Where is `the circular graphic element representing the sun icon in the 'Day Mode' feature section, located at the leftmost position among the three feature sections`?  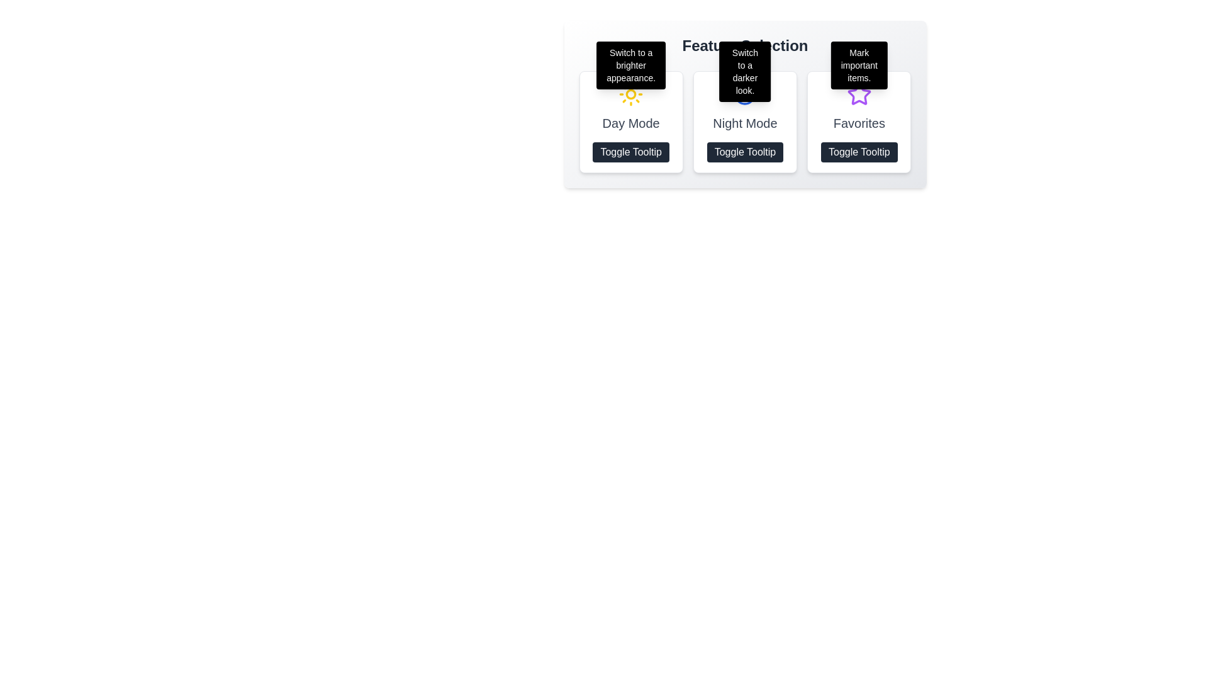
the circular graphic element representing the sun icon in the 'Day Mode' feature section, located at the leftmost position among the three feature sections is located at coordinates (631, 94).